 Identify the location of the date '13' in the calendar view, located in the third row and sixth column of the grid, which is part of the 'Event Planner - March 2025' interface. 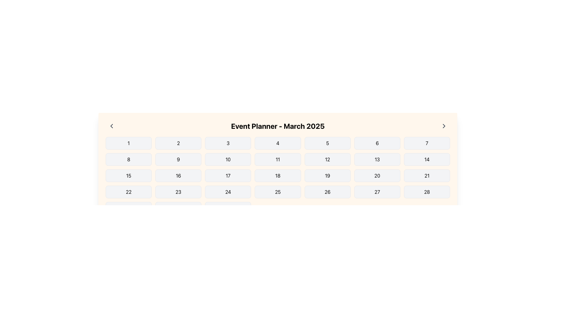
(377, 159).